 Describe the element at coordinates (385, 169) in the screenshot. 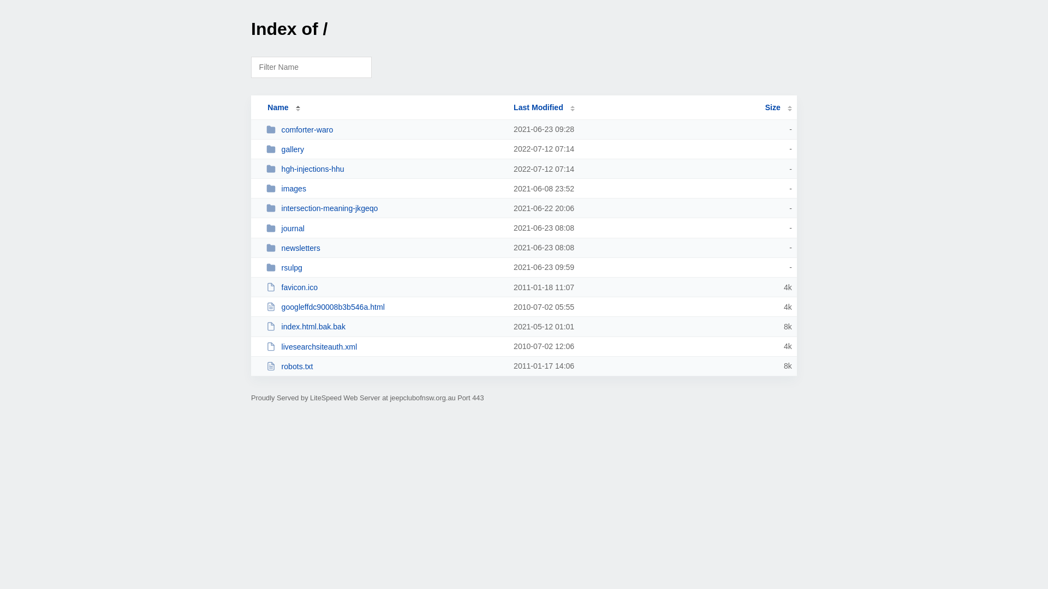

I see `'hgh-injections-hhu'` at that location.